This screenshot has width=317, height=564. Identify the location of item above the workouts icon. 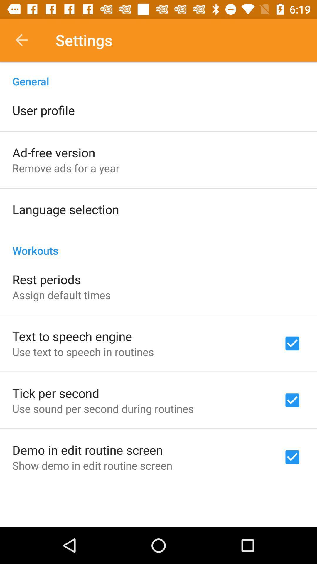
(65, 209).